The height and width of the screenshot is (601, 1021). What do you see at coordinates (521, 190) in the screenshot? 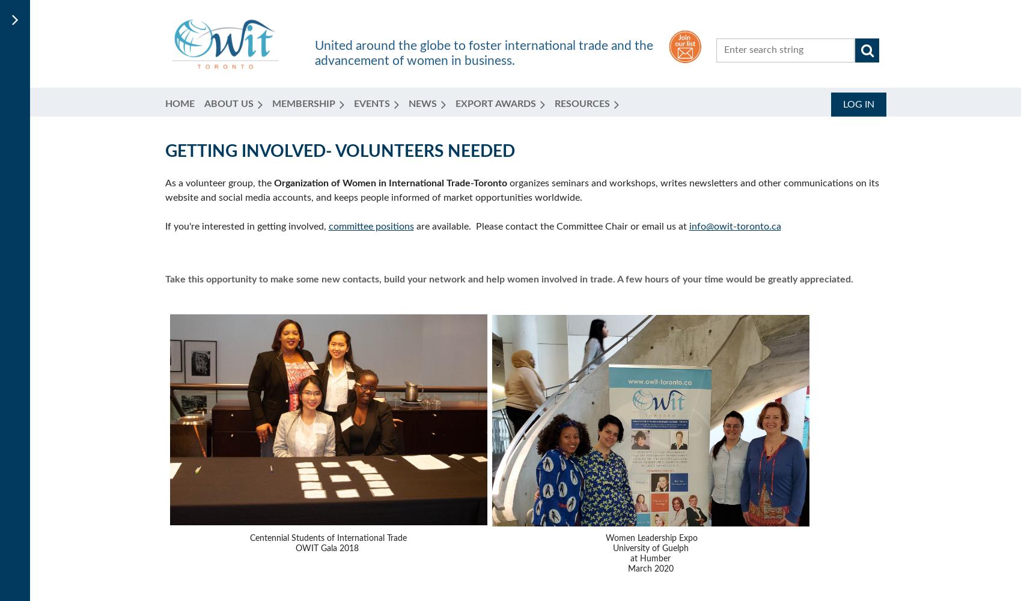
I see `'organizes seminars and workshops, writes newsletters and other communications on its website and social media accounts, and keeps people informed of market opportunities worldwide.'` at bounding box center [521, 190].